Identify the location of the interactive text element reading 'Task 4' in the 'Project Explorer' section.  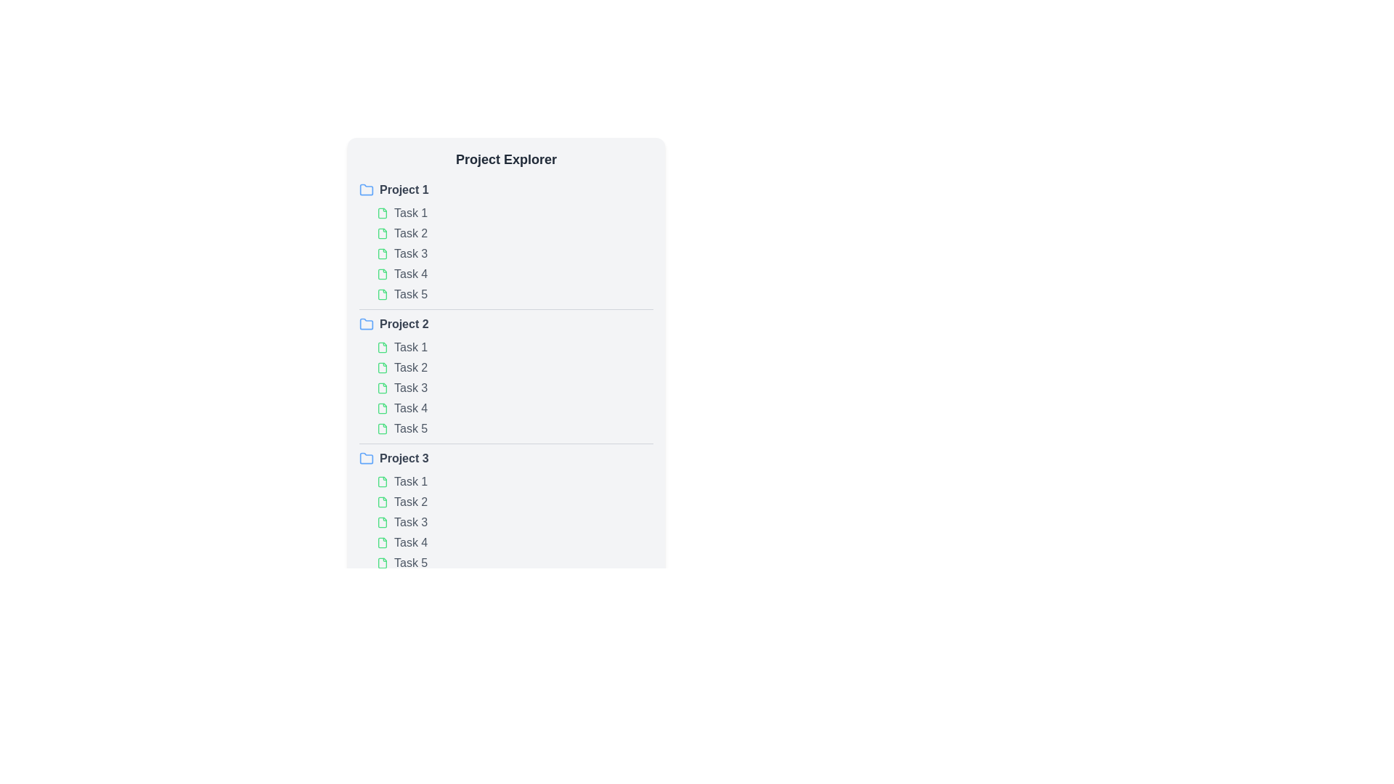
(410, 409).